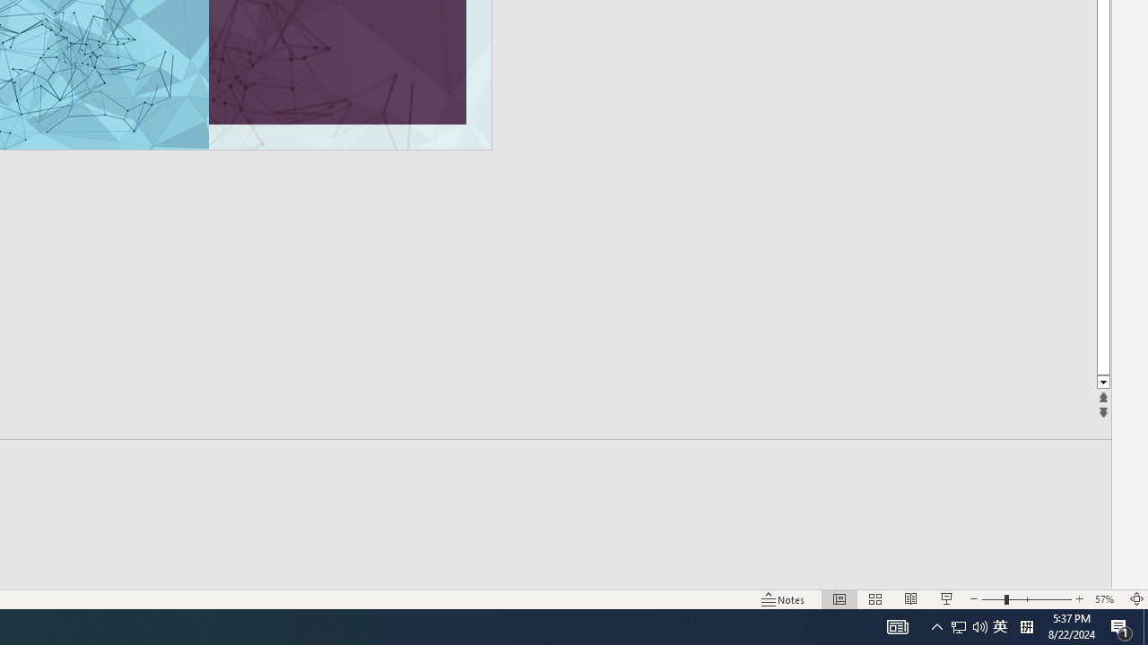 This screenshot has height=645, width=1148. I want to click on 'Reading View', so click(910, 599).